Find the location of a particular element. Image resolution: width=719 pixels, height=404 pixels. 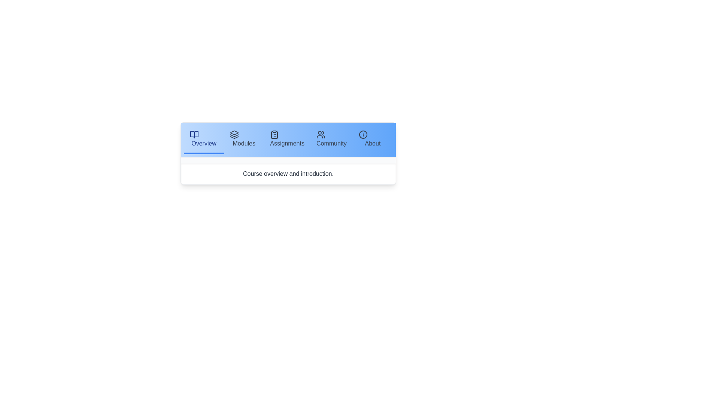

the stylized open book icon in the top navigation bar is located at coordinates (194, 134).